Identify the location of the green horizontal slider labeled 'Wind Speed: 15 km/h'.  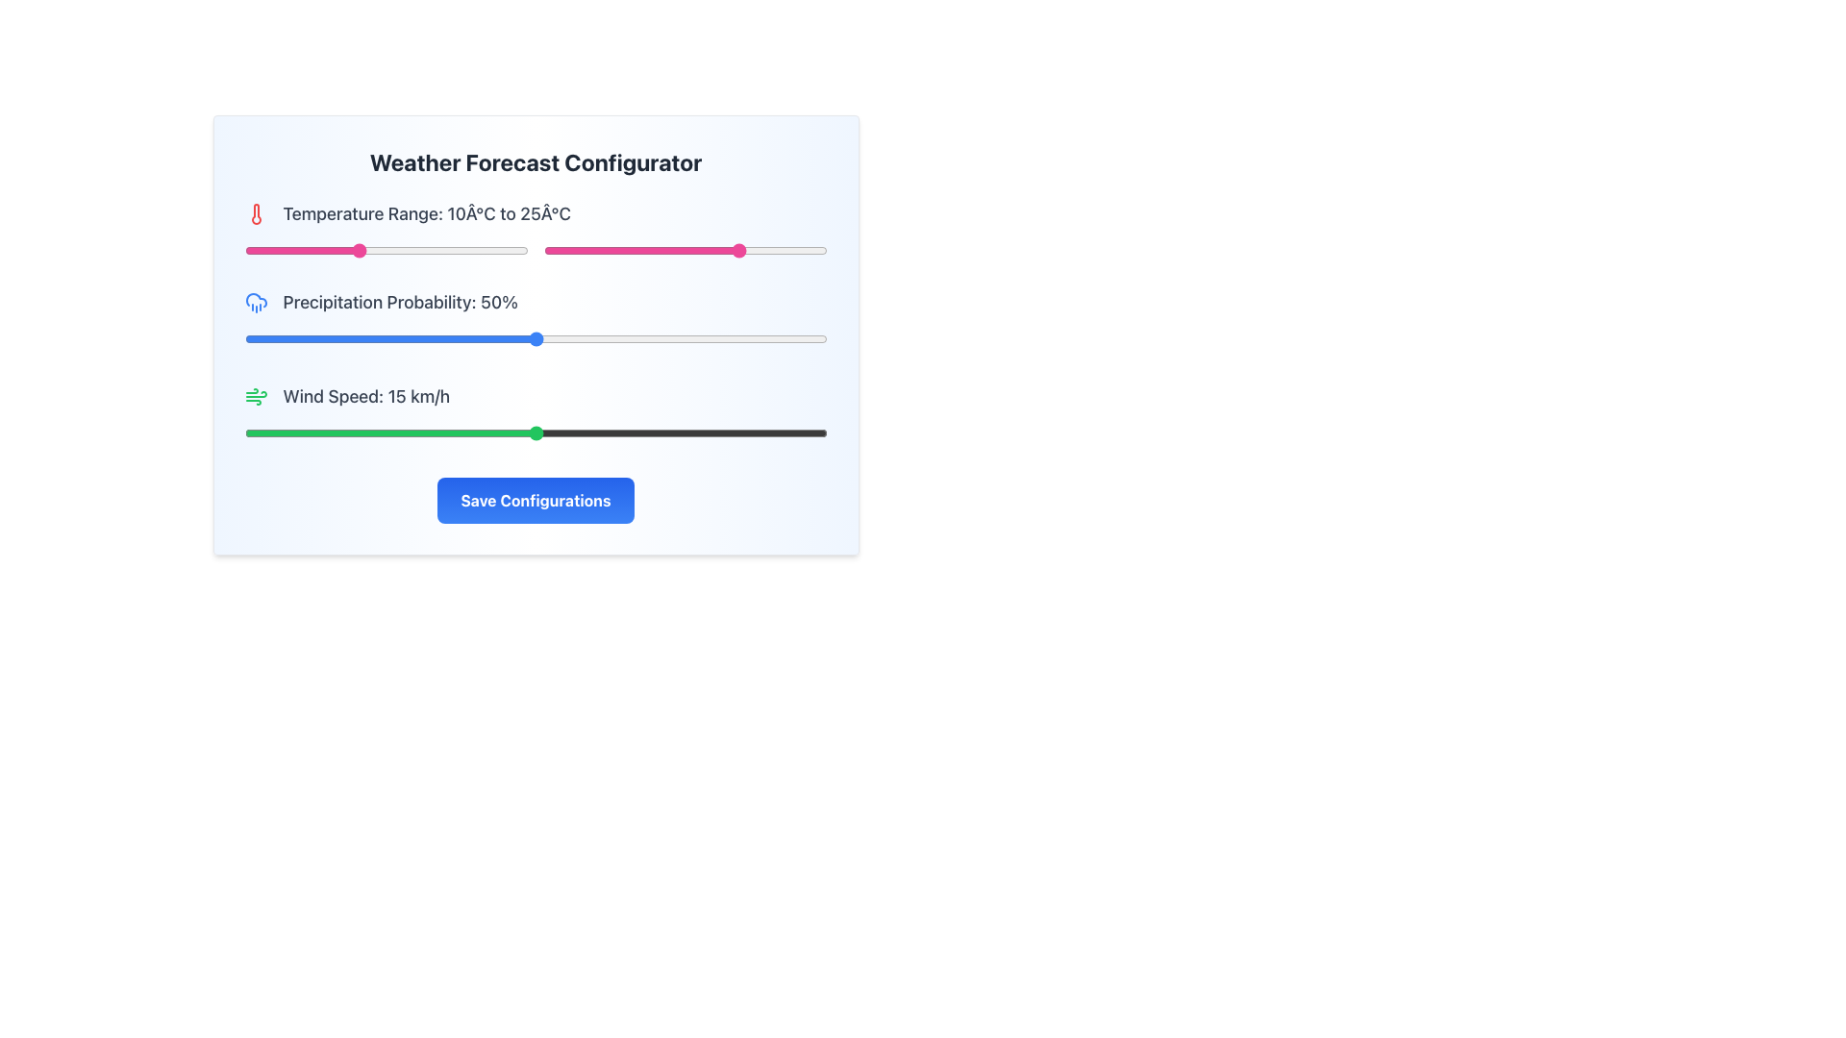
(536, 414).